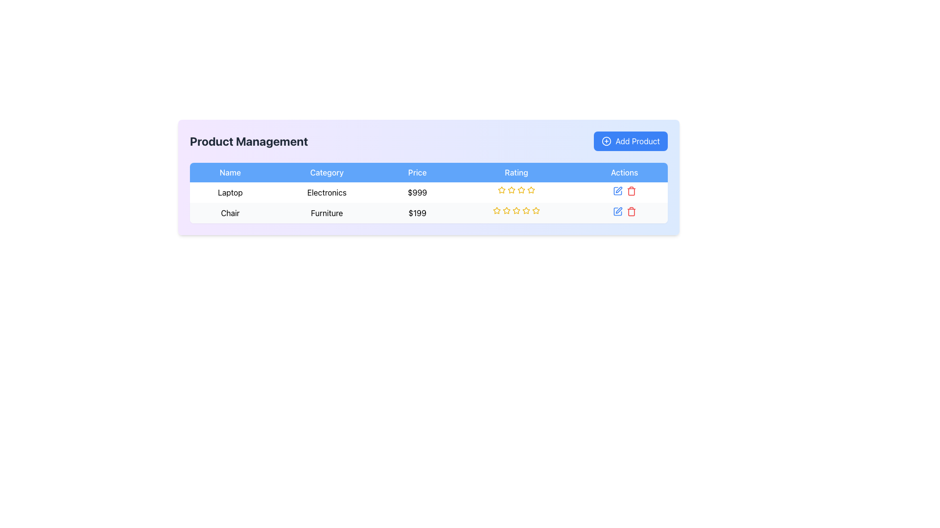 Image resolution: width=940 pixels, height=528 pixels. Describe the element at coordinates (511, 190) in the screenshot. I see `the first yellow star icon in the 5-star rating system for the Laptop product, located in the leftmost position of the Rating column` at that location.